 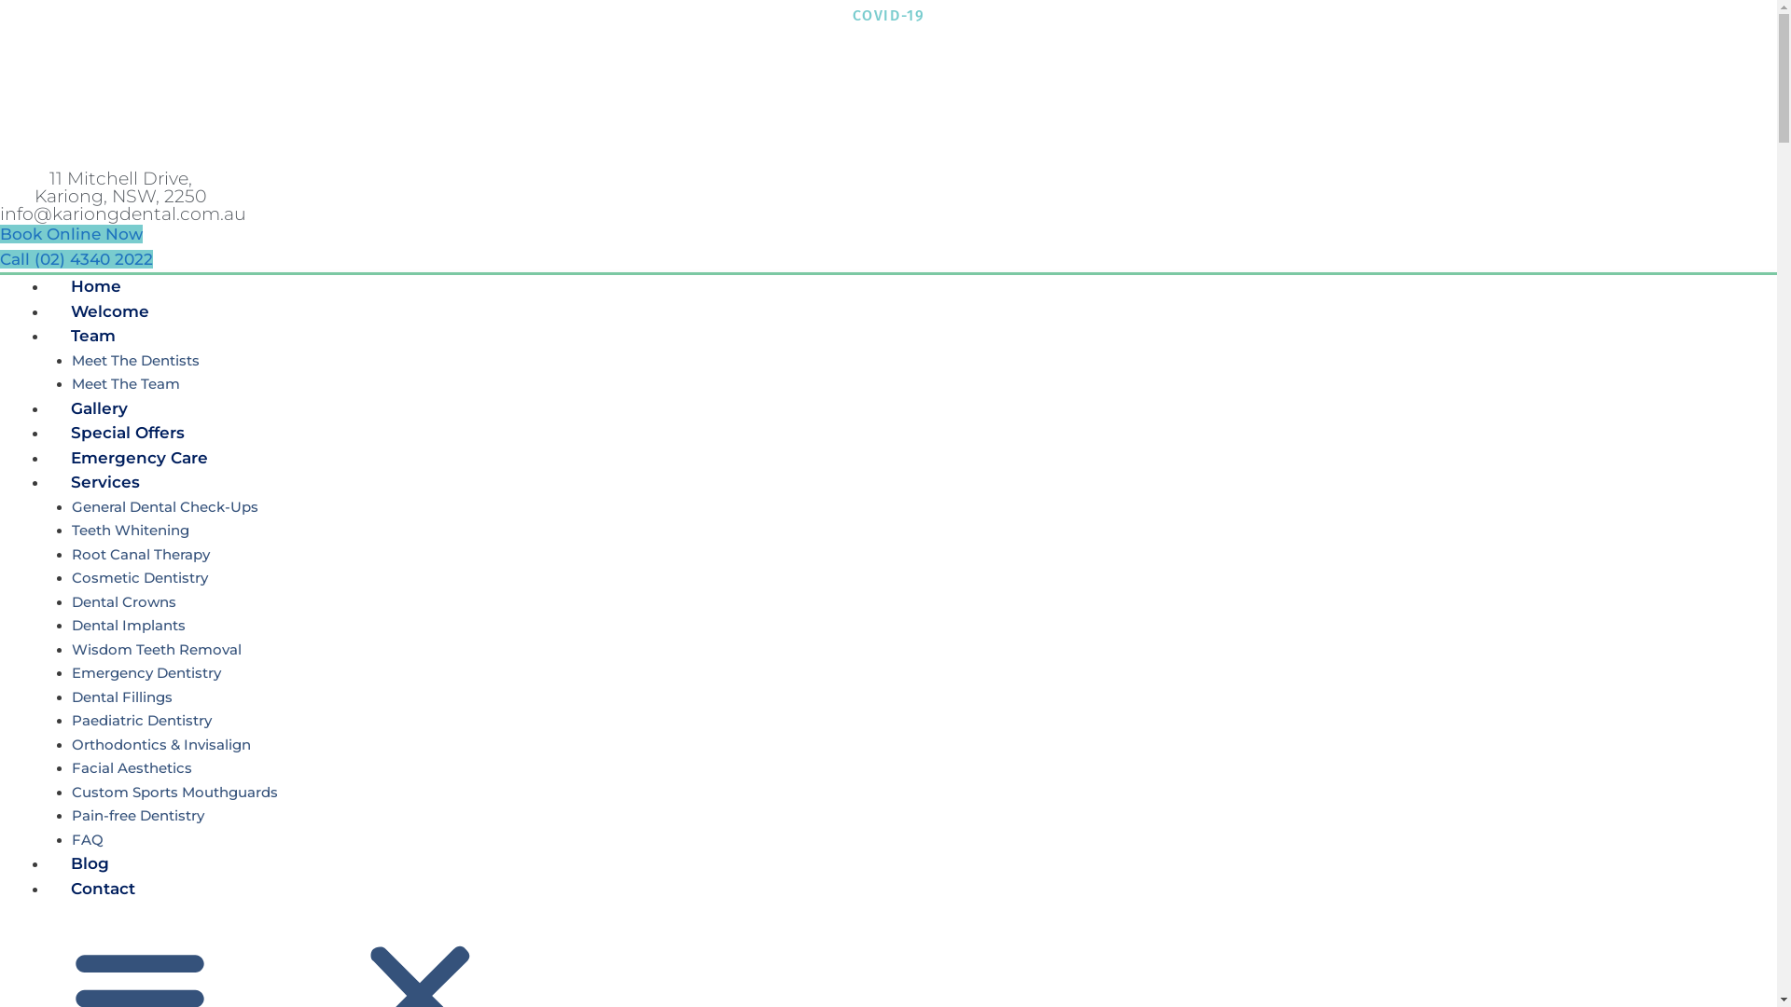 I want to click on 'Contact', so click(x=48, y=887).